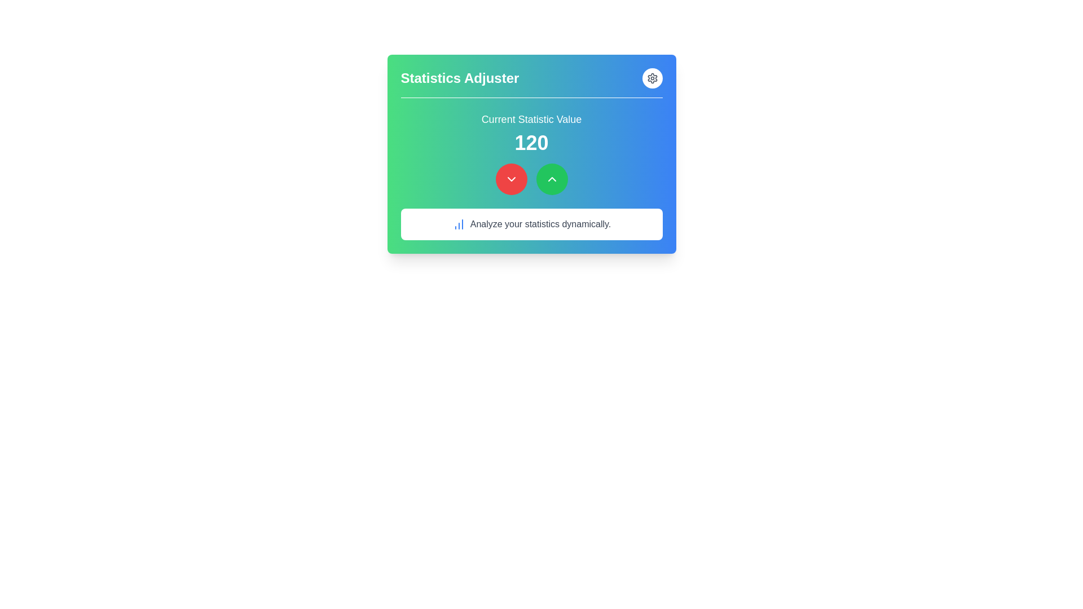 This screenshot has height=609, width=1083. What do you see at coordinates (552, 178) in the screenshot?
I see `the upward chevron icon within the green circular button to increment the value` at bounding box center [552, 178].